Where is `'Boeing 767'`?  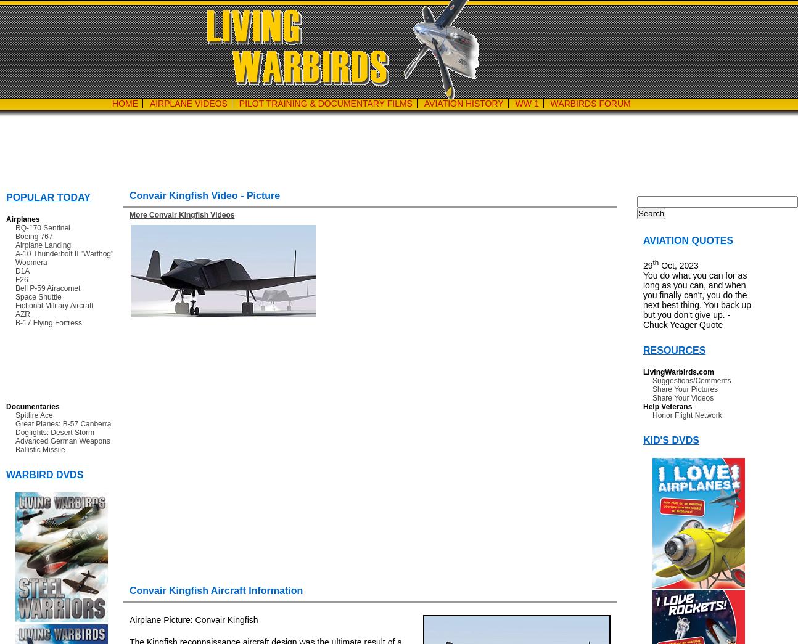
'Boeing 767' is located at coordinates (33, 236).